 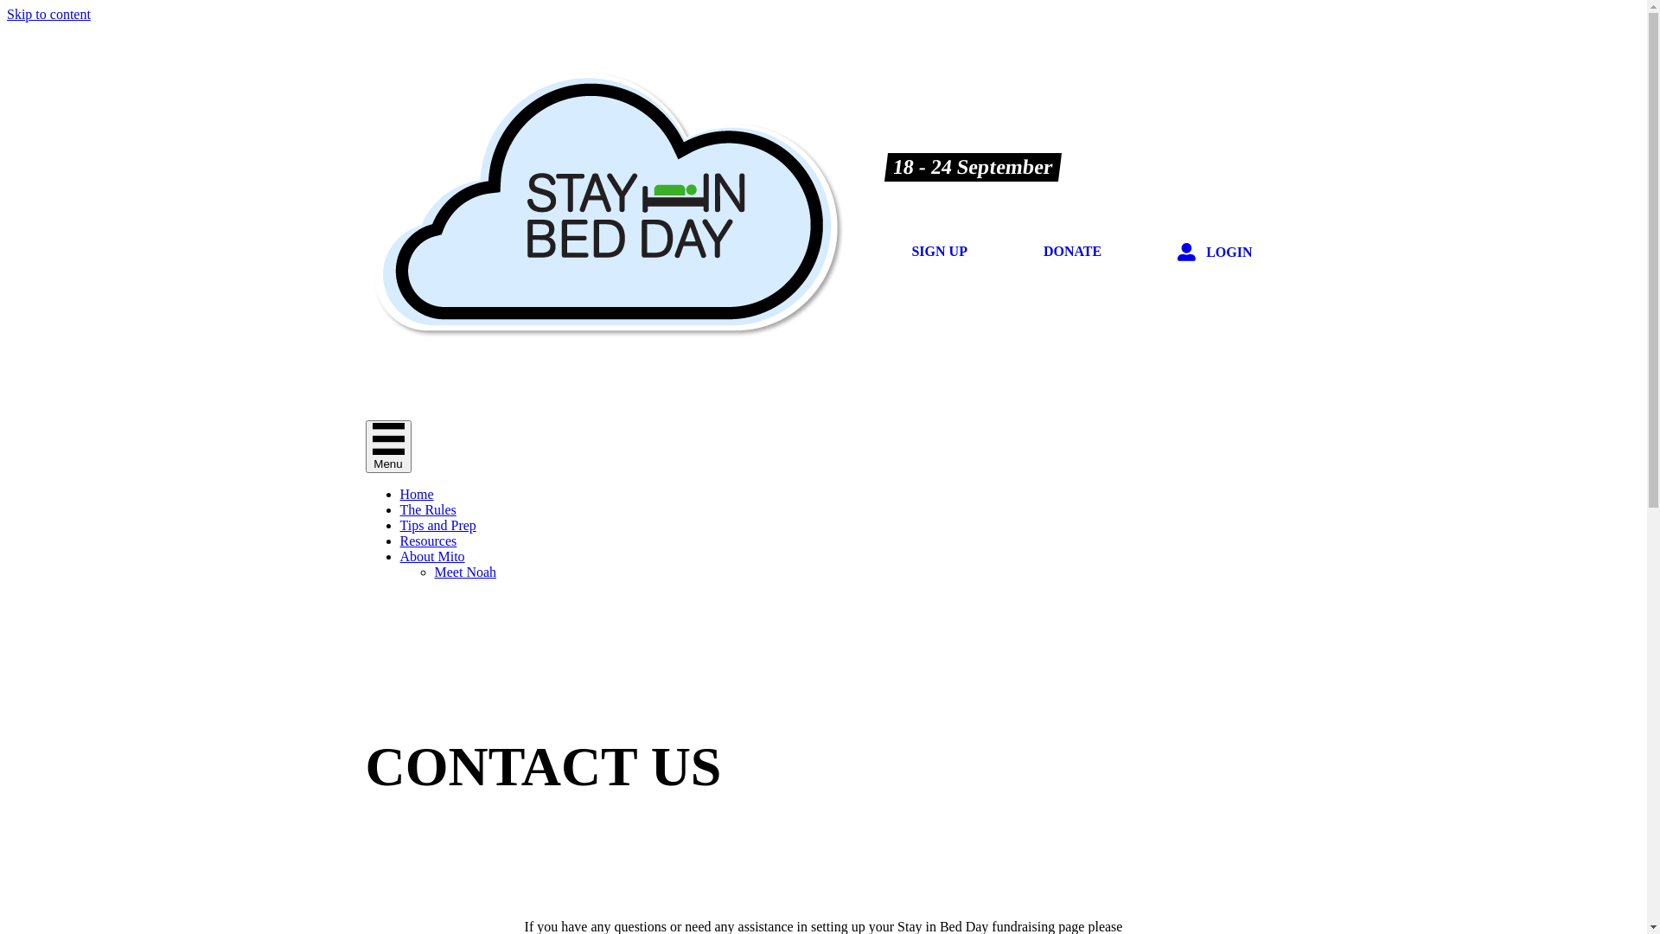 What do you see at coordinates (1214, 253) in the screenshot?
I see `'LOGIN'` at bounding box center [1214, 253].